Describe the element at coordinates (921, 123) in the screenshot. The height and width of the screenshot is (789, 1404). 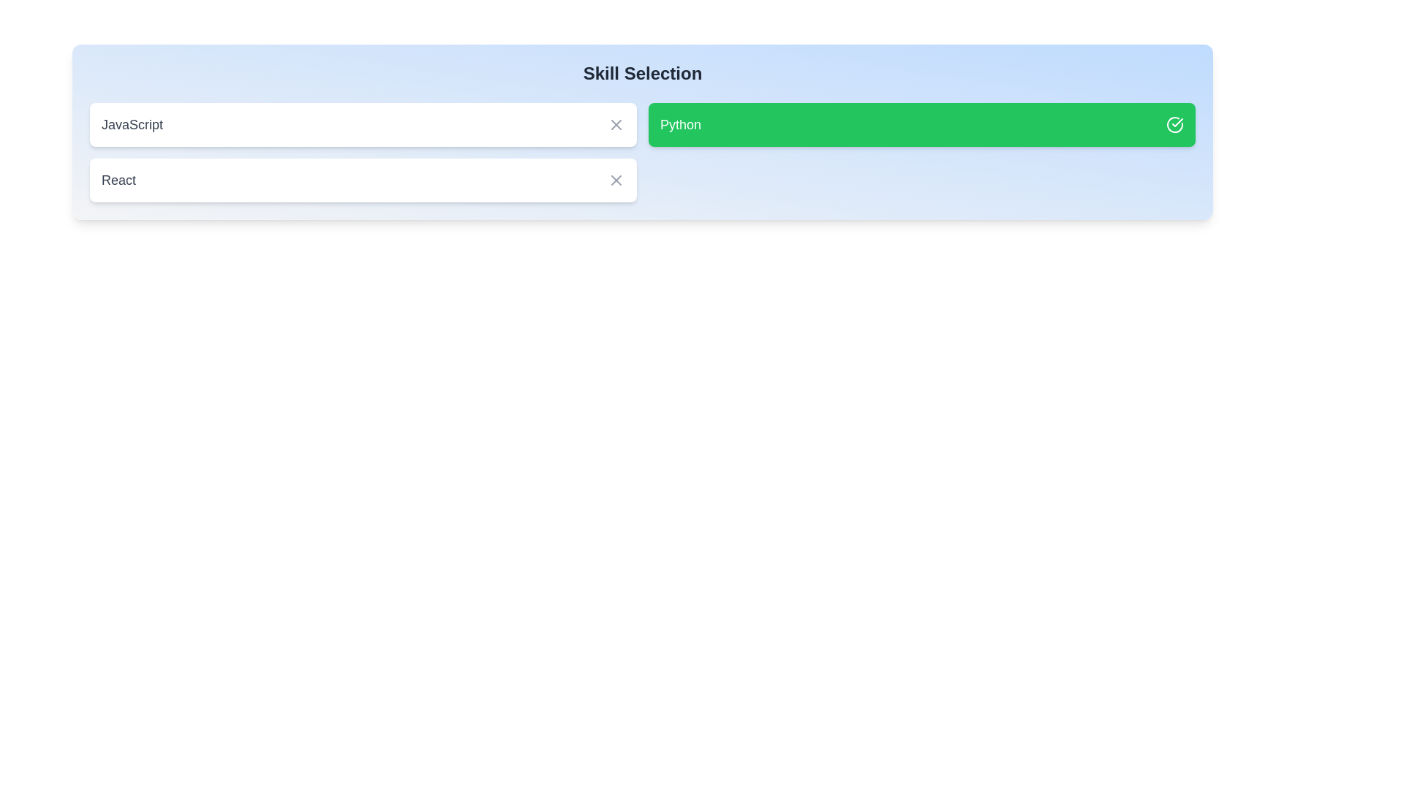
I see `the skill Python by clicking on its corresponding element` at that location.